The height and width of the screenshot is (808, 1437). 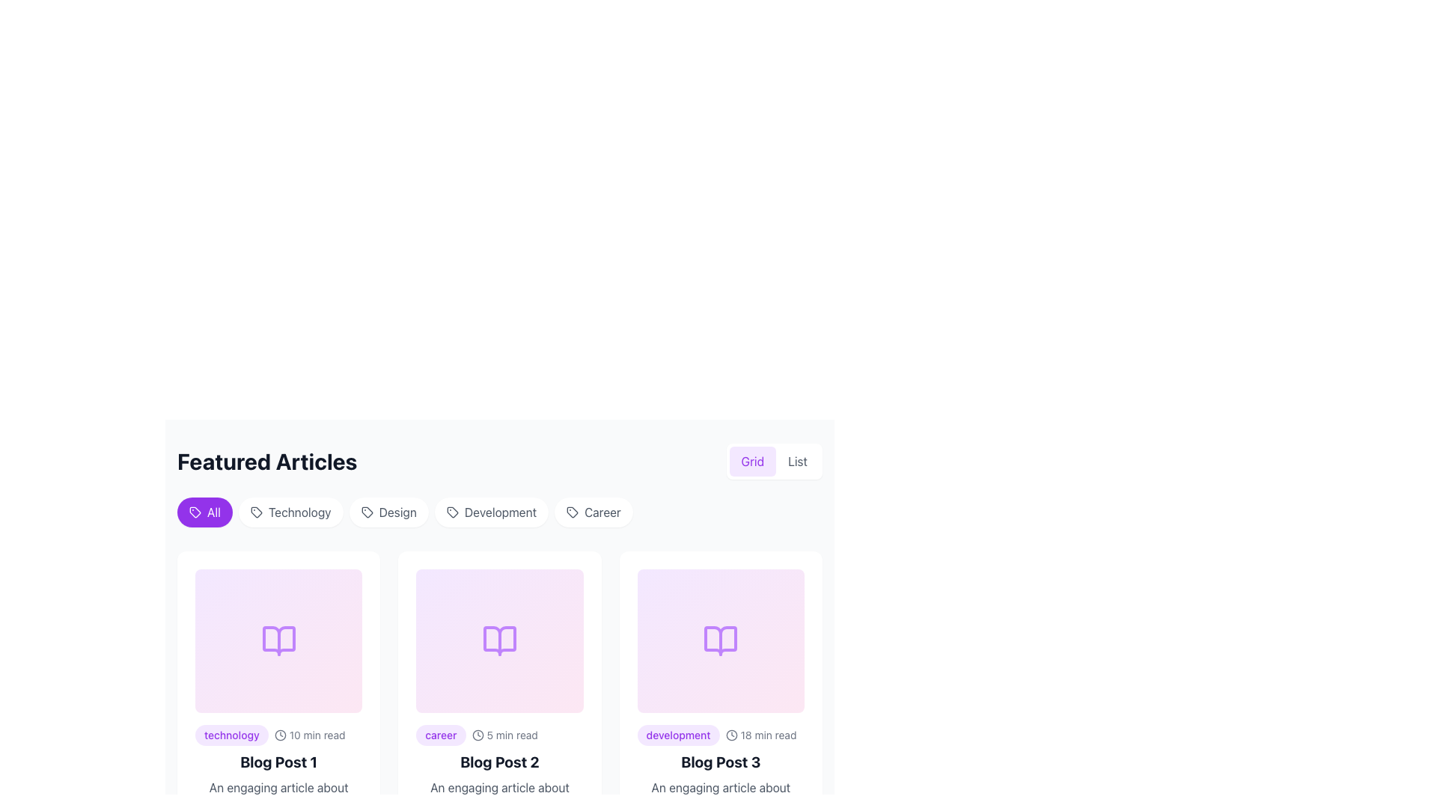 I want to click on the smaller circle at the center of the clock icon next to the '18 min read' text under 'Blog Post 3.', so click(x=731, y=735).